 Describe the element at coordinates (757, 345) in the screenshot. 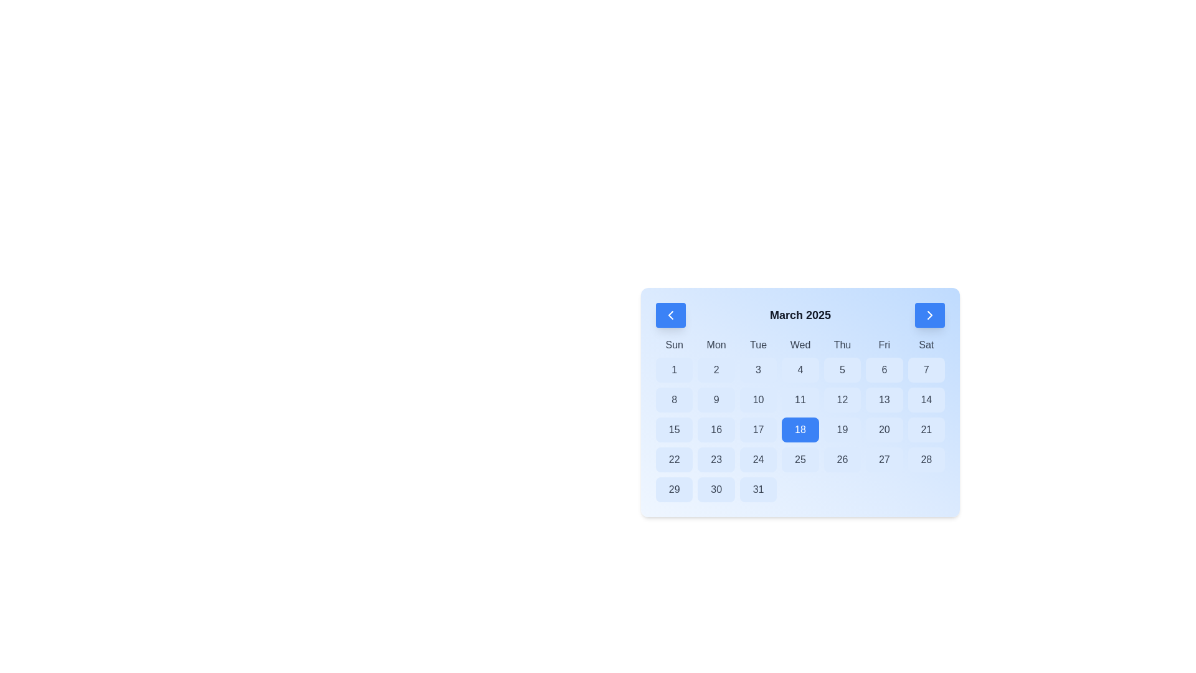

I see `the text label for Tuesday, which is the third text element representing the days of the week in the calendar interface, located between Monday and Wednesday` at that location.